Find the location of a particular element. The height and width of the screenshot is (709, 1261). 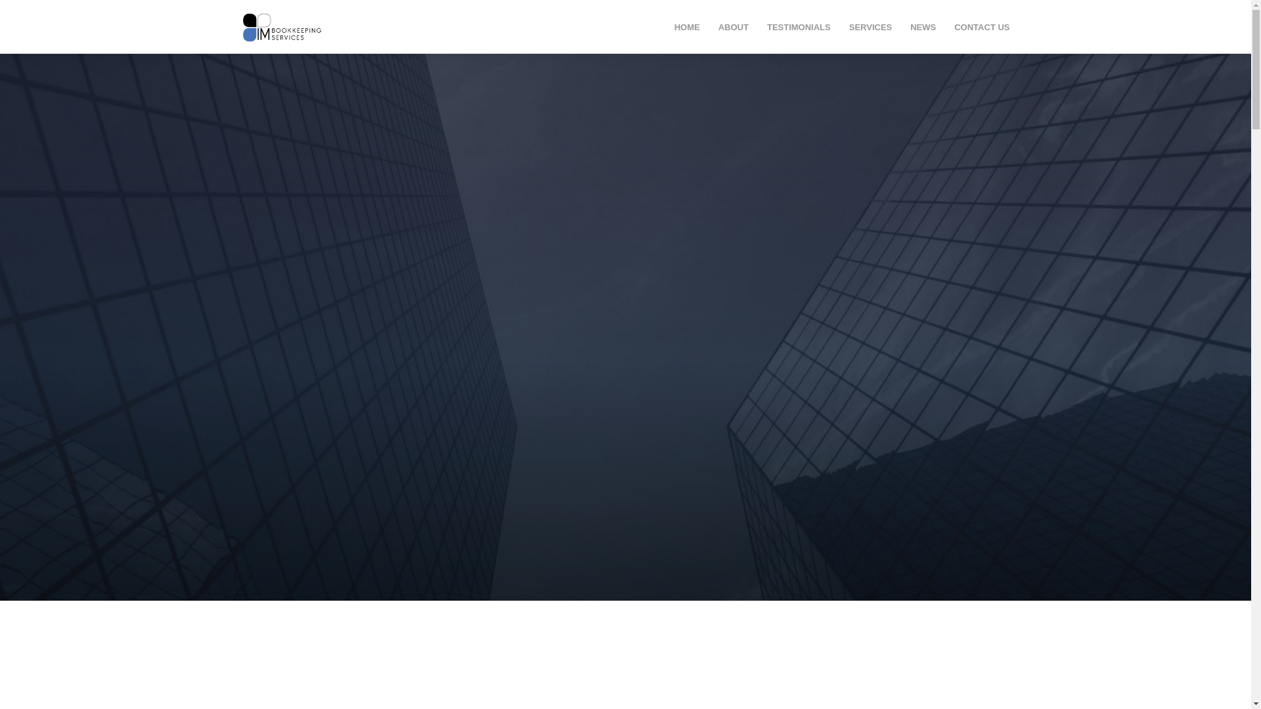

'ABOUT' is located at coordinates (733, 27).